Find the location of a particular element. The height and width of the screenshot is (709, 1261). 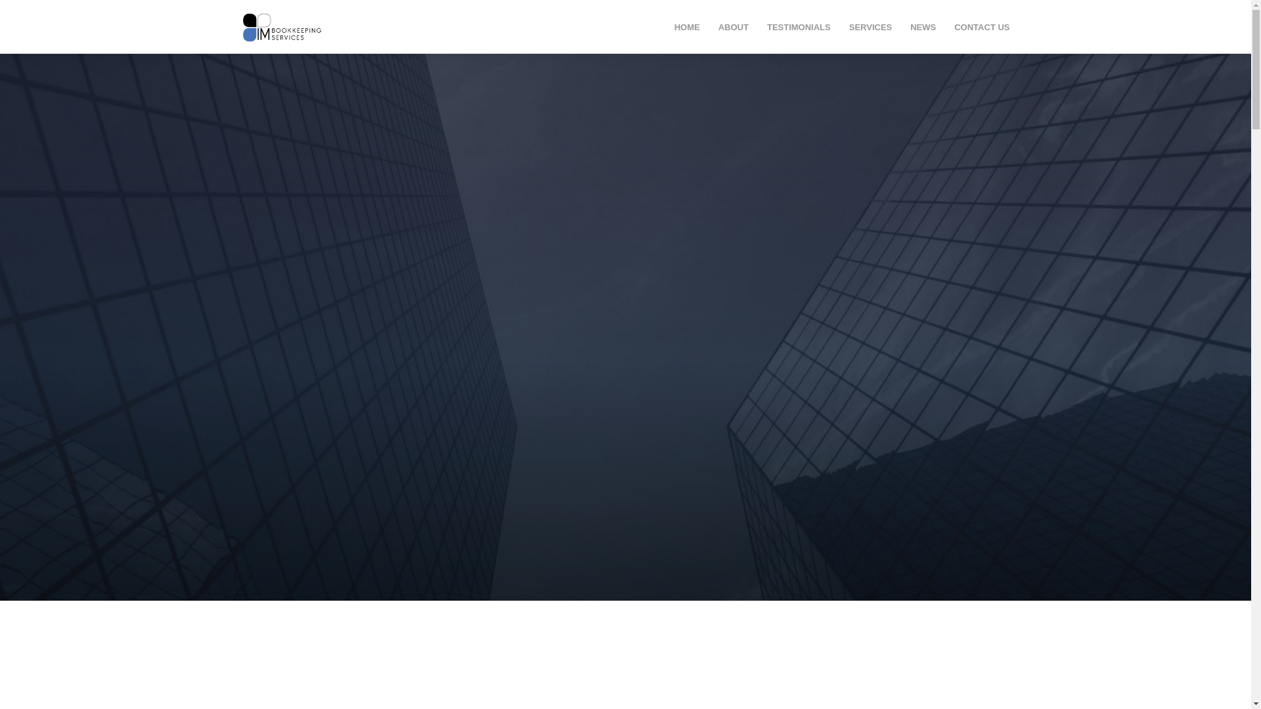

'ABOUT' is located at coordinates (733, 27).